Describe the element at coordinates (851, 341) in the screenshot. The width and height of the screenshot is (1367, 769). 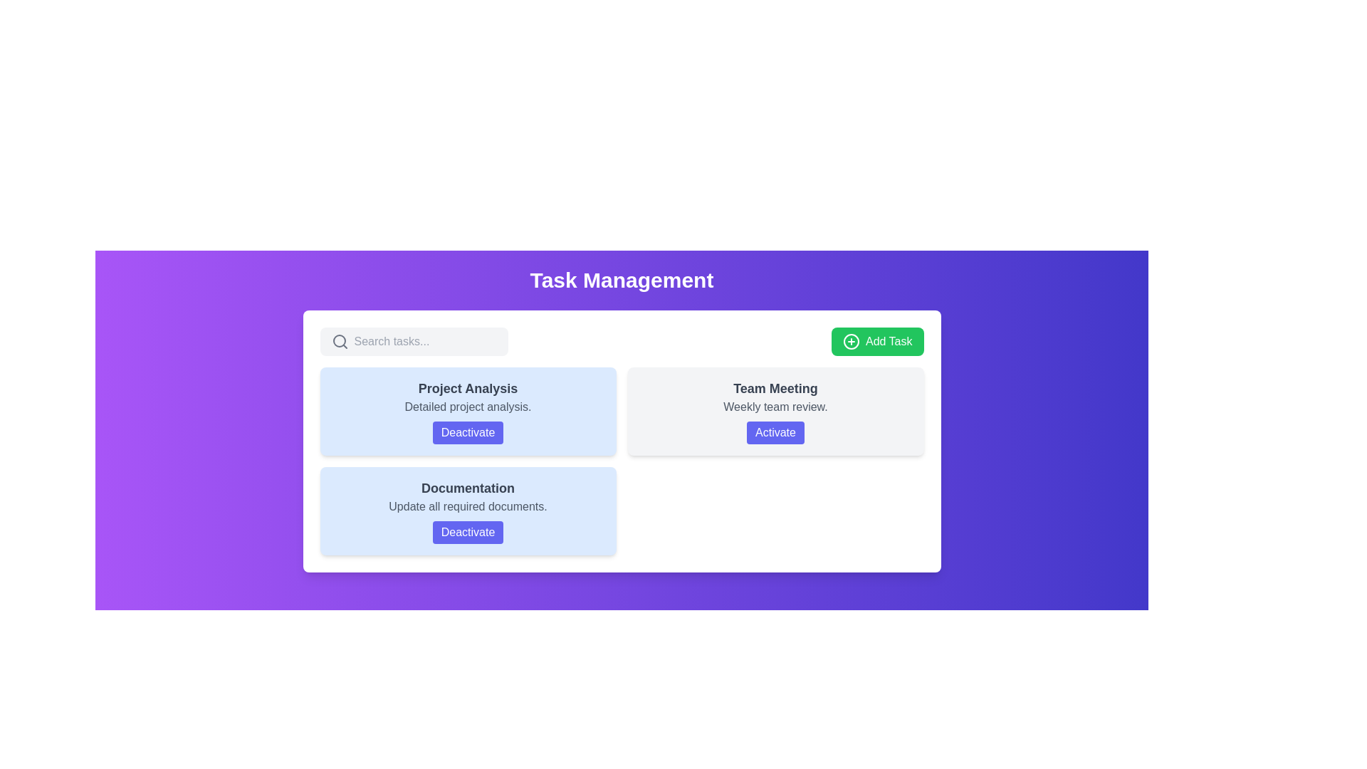
I see `the circular green icon with a white plus sign, which is part of the 'Add Task' button, located in the top-right area of the interface` at that location.